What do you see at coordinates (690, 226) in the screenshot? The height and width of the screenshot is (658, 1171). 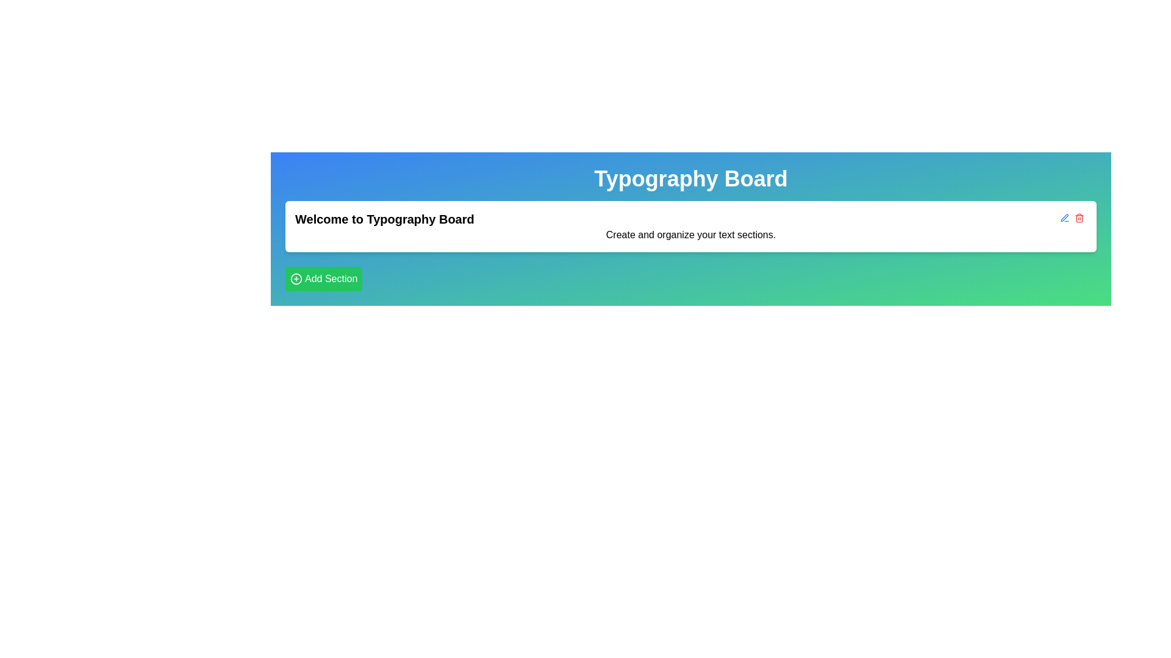 I see `the text block displaying 'Welcome to Typography BoardCreate and organize your text sections.' which is located below the title 'Typography Board' in the gradient-colored header area` at bounding box center [690, 226].